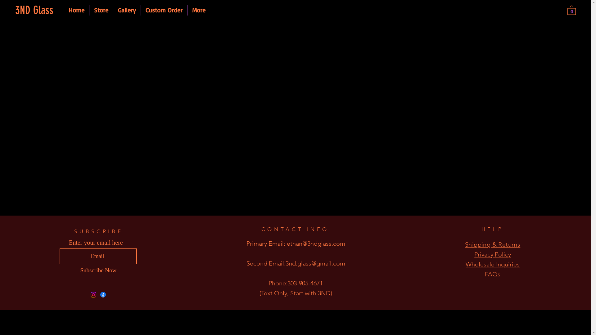 The height and width of the screenshot is (335, 596). Describe the element at coordinates (492, 244) in the screenshot. I see `'Shipping & Returns'` at that location.